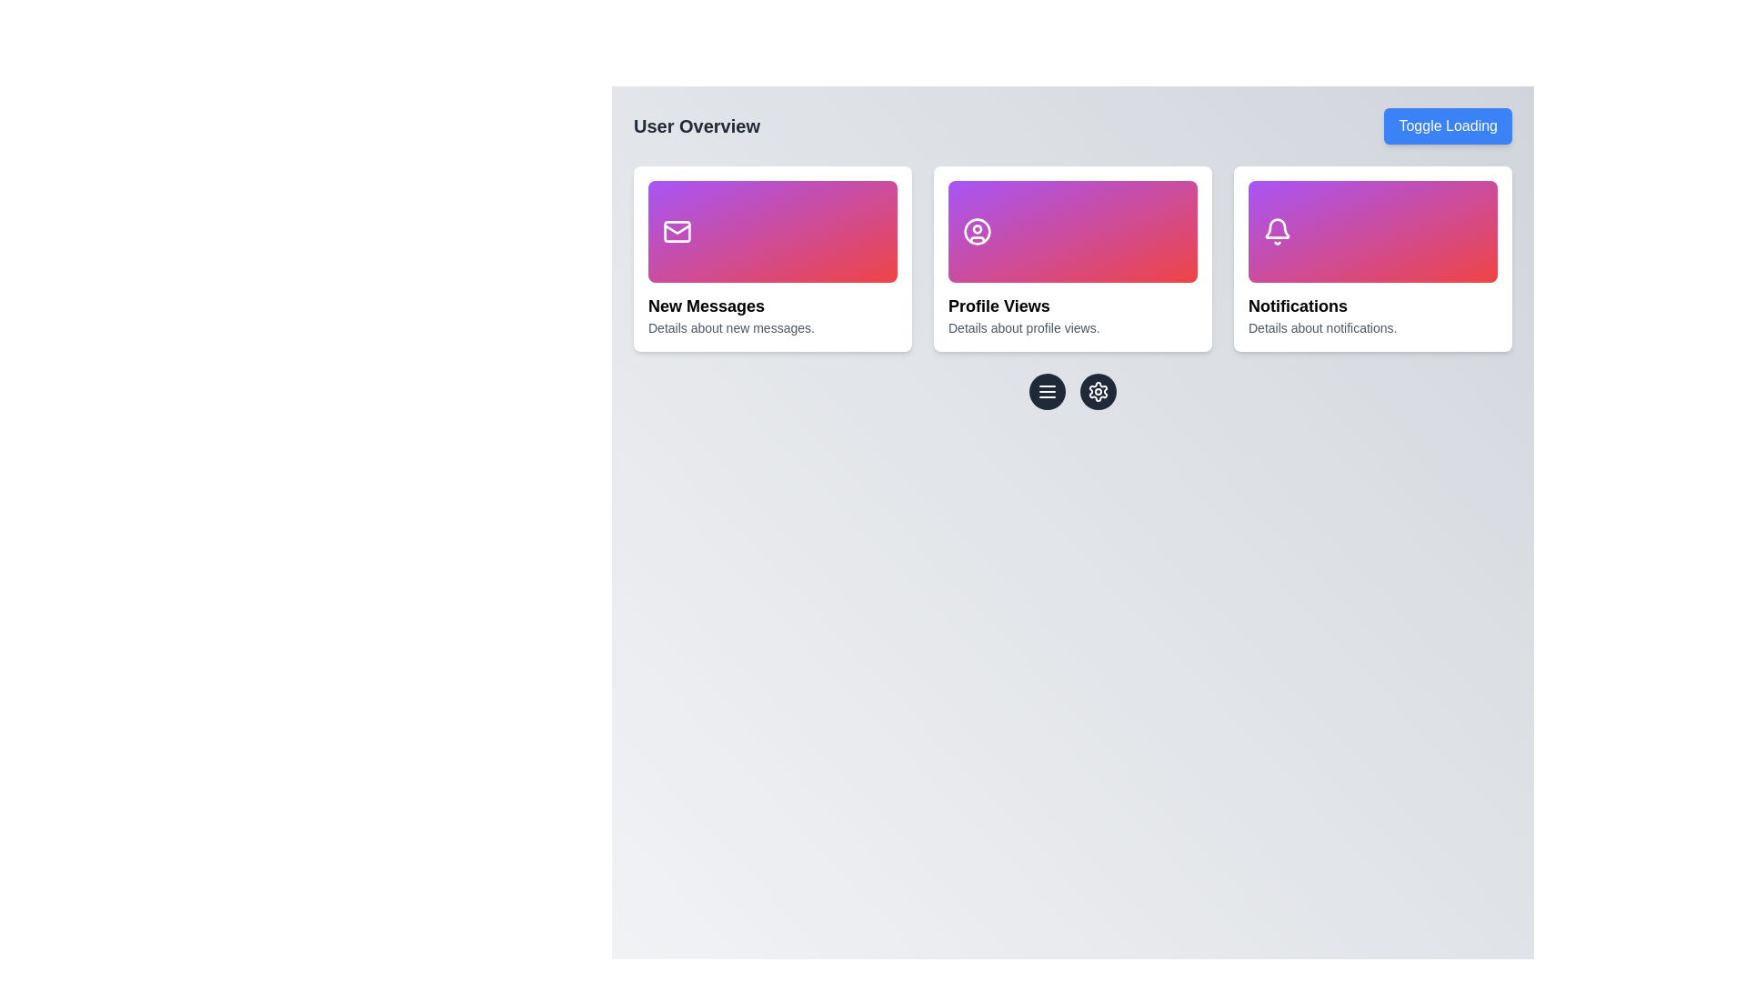 The width and height of the screenshot is (1746, 982). I want to click on the Informational card labeled 'Notifications' that features a gradient header from purple to red and a white bell icon, located in the rightmost column of the grid layout, so click(1373, 259).